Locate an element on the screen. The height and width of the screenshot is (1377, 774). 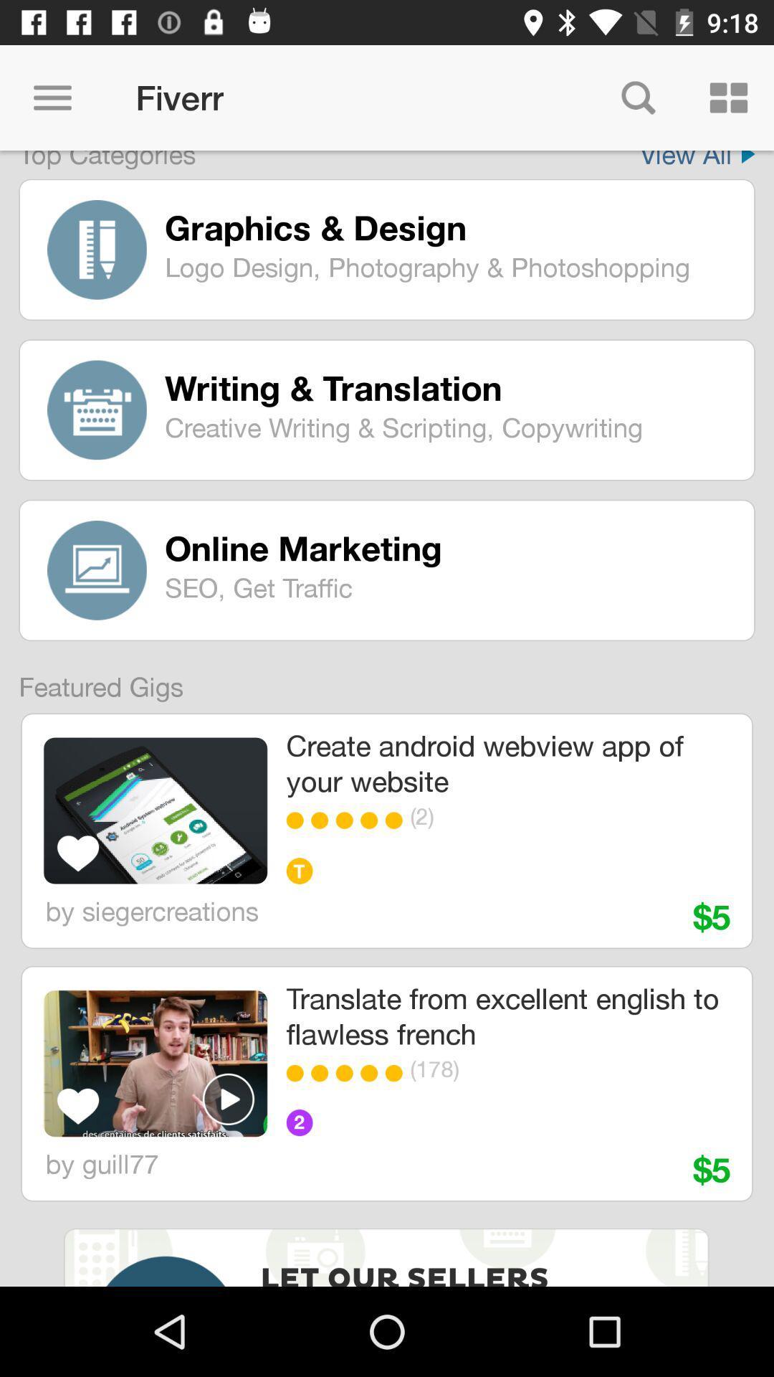
the translate from excellent item is located at coordinates (507, 1016).